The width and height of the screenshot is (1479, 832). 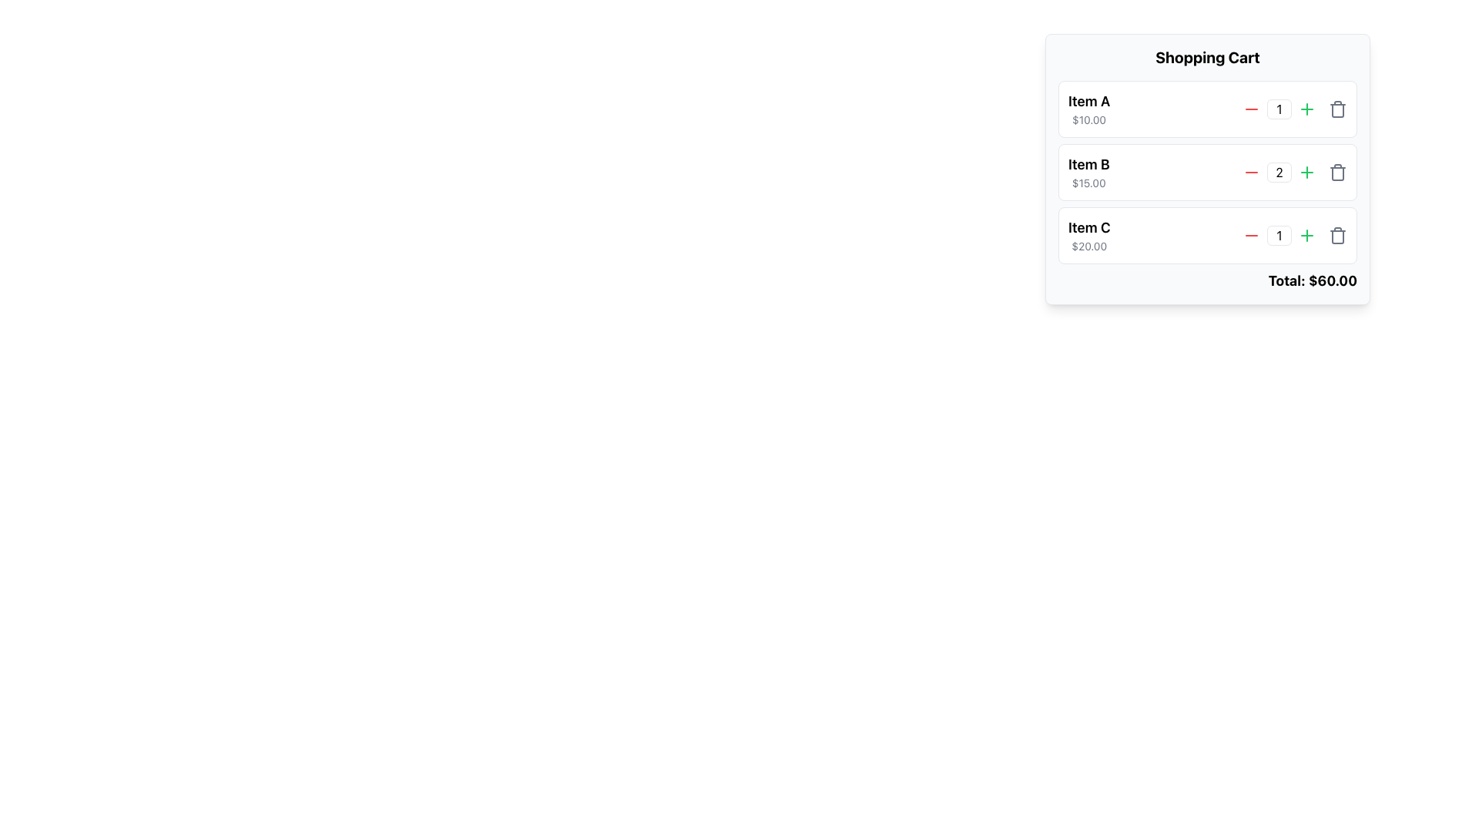 I want to click on the Text Display element that shows information about a specific item in the shopping cart, located at the top of the itemized list in the shopping cart widget, so click(x=1088, y=109).